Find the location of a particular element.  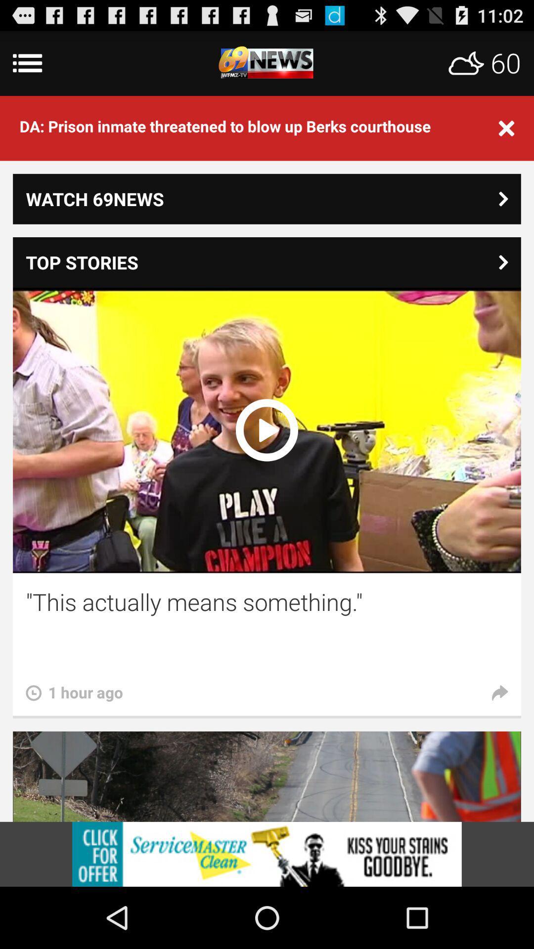

make advertisement is located at coordinates (267, 854).